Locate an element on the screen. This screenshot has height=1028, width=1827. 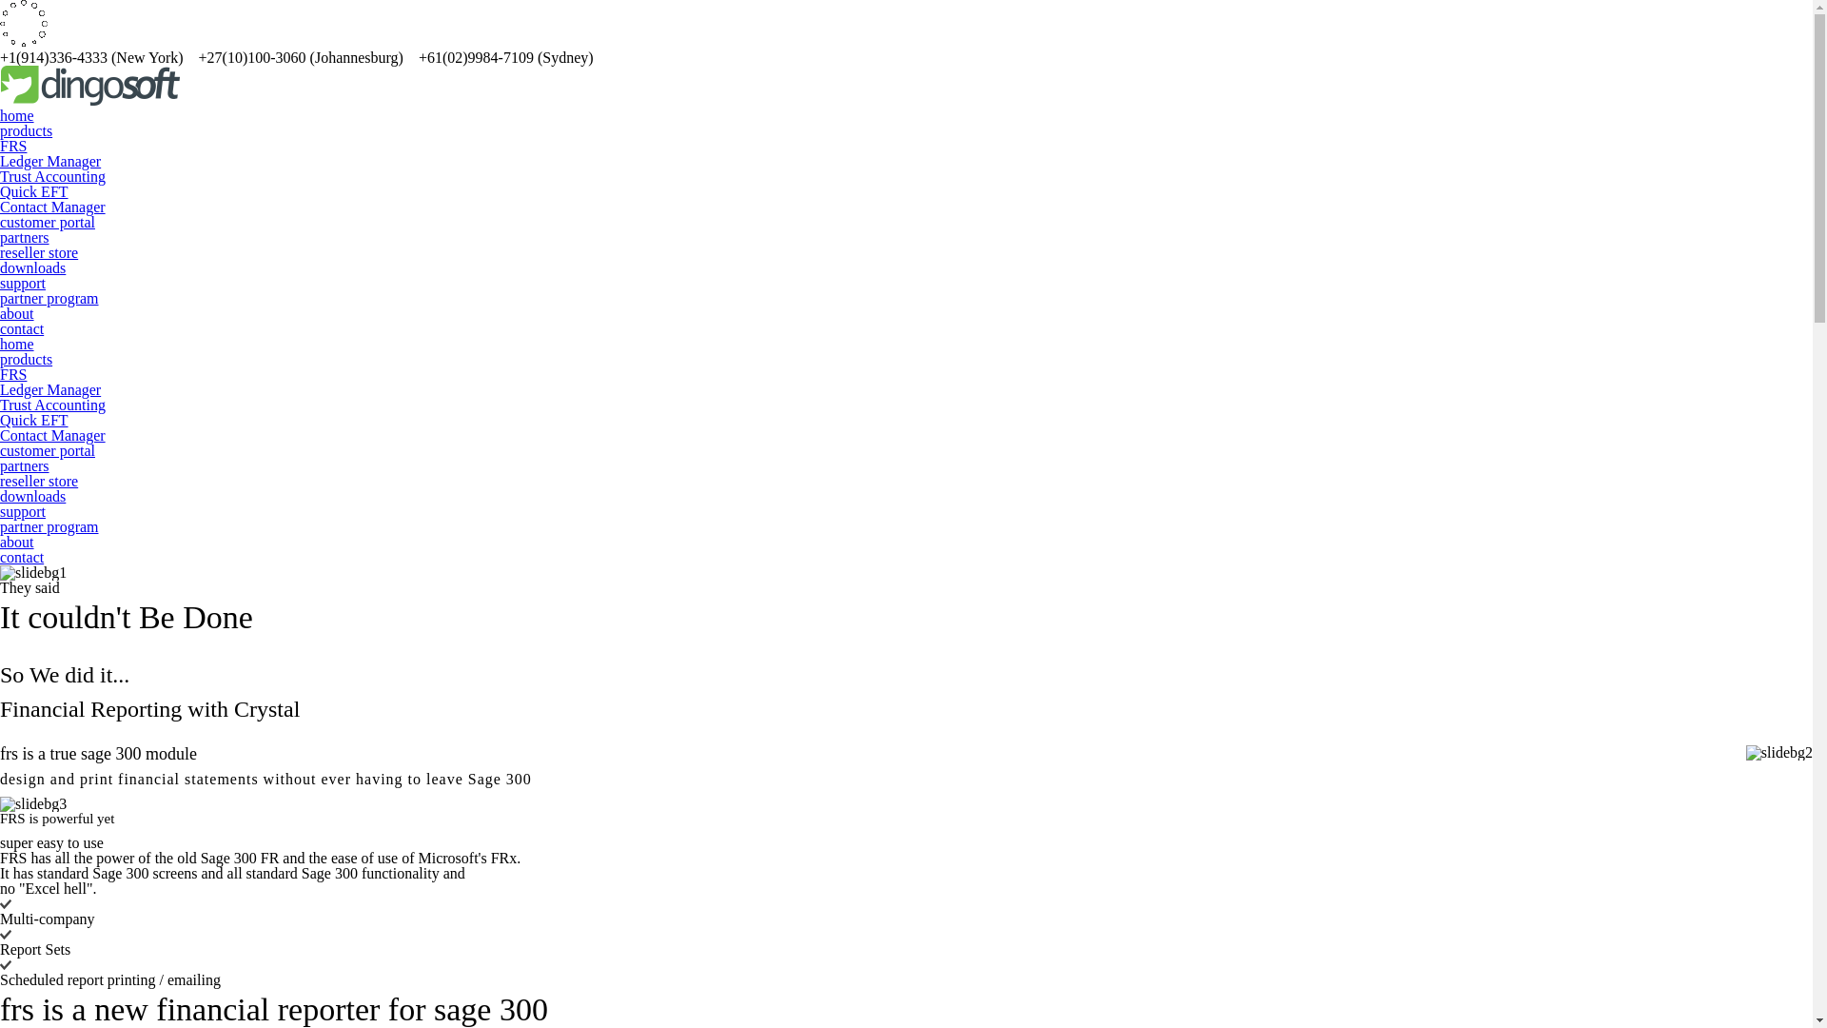
'Trust Accounting' is located at coordinates (0, 404).